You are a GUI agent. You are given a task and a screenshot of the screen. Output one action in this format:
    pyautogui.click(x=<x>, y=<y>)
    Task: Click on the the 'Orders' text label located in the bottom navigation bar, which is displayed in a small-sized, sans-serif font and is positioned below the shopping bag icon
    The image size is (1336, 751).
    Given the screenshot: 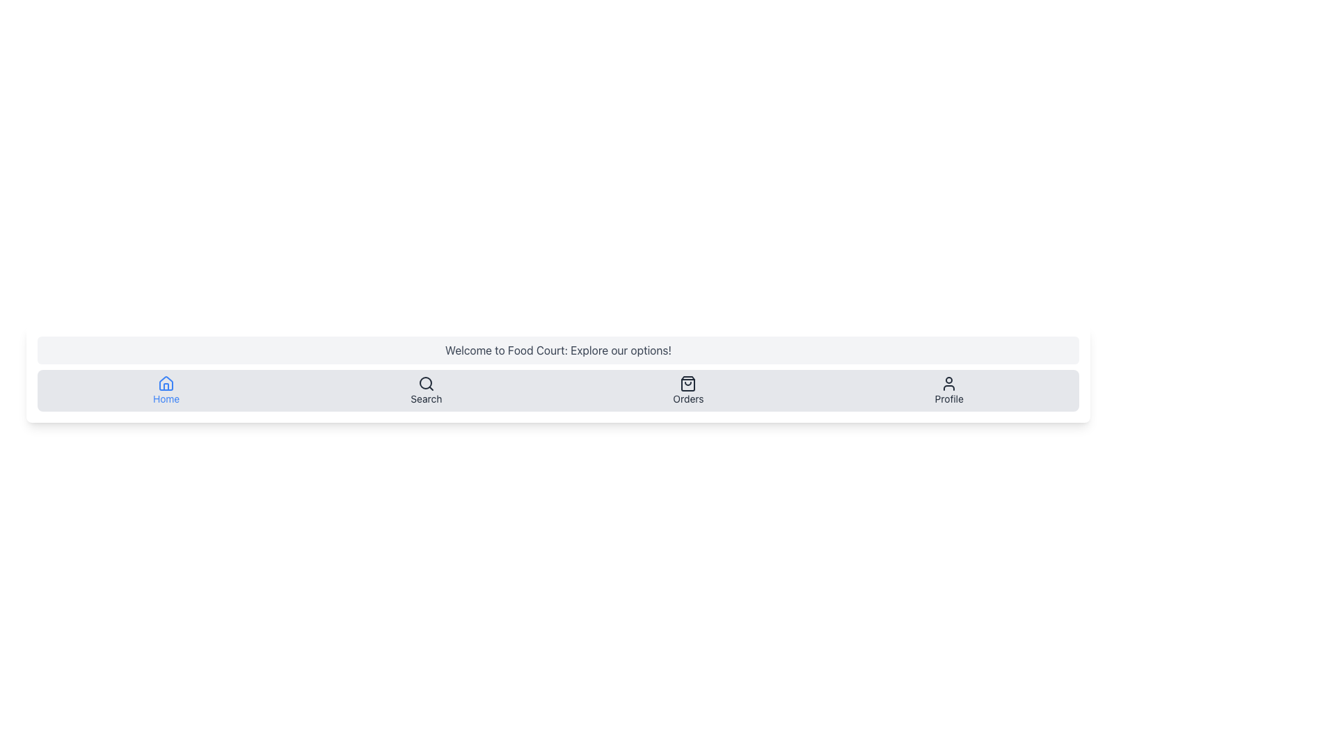 What is the action you would take?
    pyautogui.click(x=688, y=399)
    